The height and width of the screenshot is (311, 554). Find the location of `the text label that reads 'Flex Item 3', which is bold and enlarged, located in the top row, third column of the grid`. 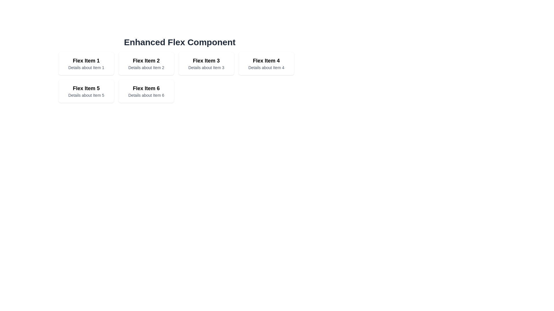

the text label that reads 'Flex Item 3', which is bold and enlarged, located in the top row, third column of the grid is located at coordinates (206, 61).